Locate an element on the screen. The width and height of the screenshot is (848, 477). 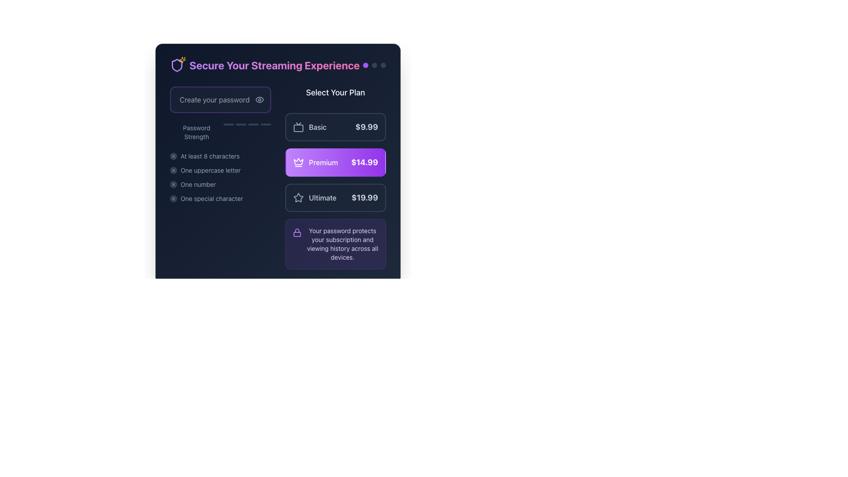
the crown icon located to the left of the 'Premium' text label is located at coordinates (298, 162).